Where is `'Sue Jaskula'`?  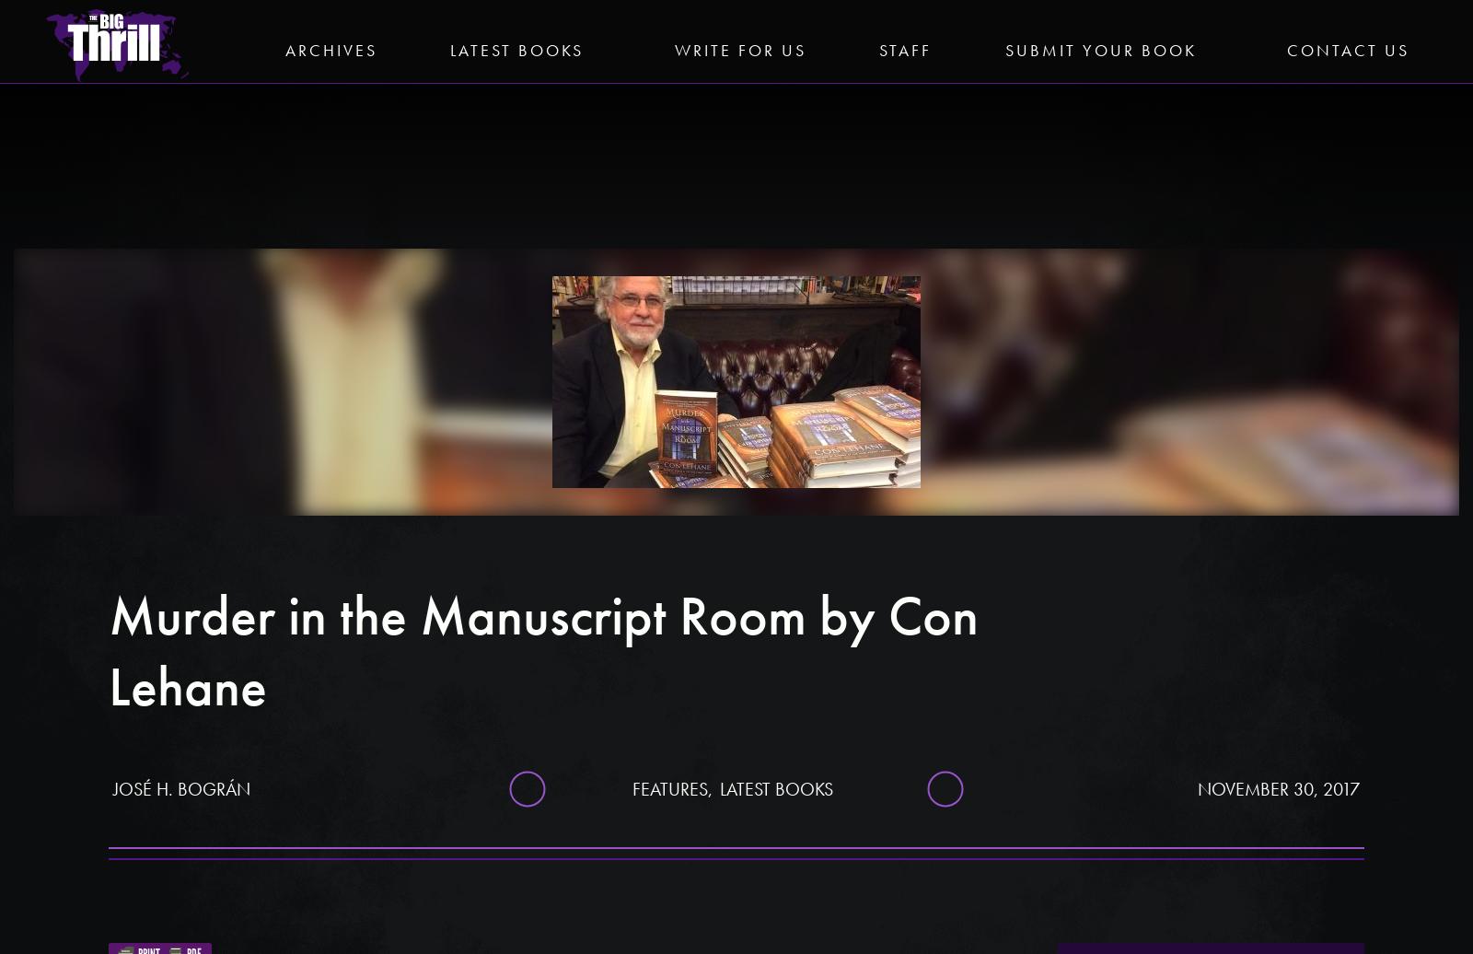 'Sue Jaskula' is located at coordinates (1210, 841).